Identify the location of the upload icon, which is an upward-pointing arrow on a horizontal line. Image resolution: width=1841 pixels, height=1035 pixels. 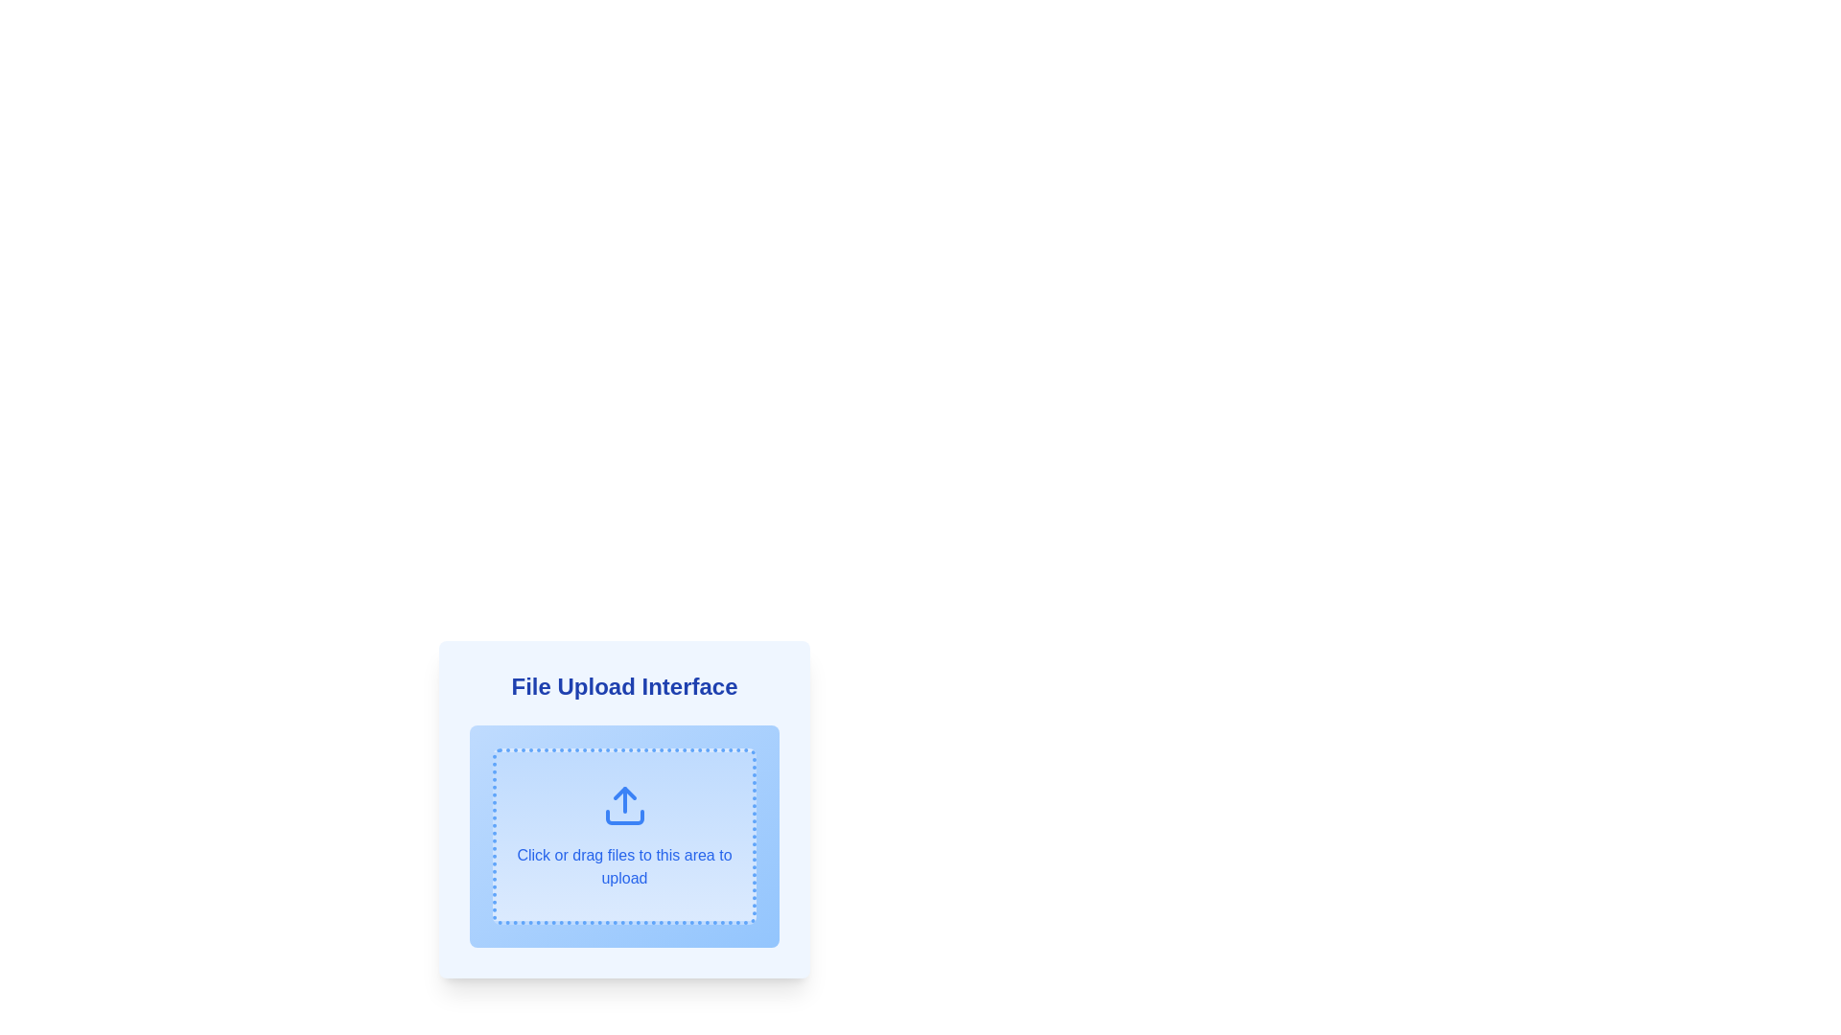
(624, 805).